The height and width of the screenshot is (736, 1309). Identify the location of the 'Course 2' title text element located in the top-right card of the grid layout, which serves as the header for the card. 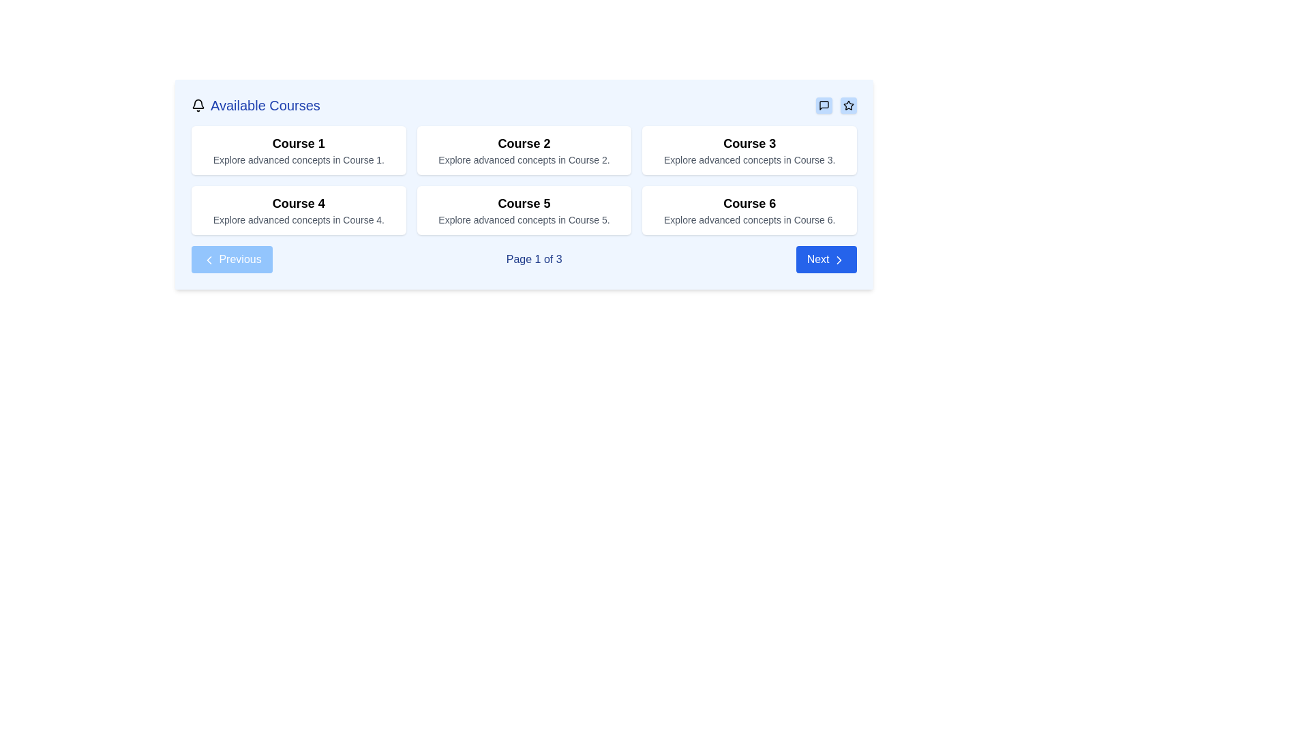
(523, 144).